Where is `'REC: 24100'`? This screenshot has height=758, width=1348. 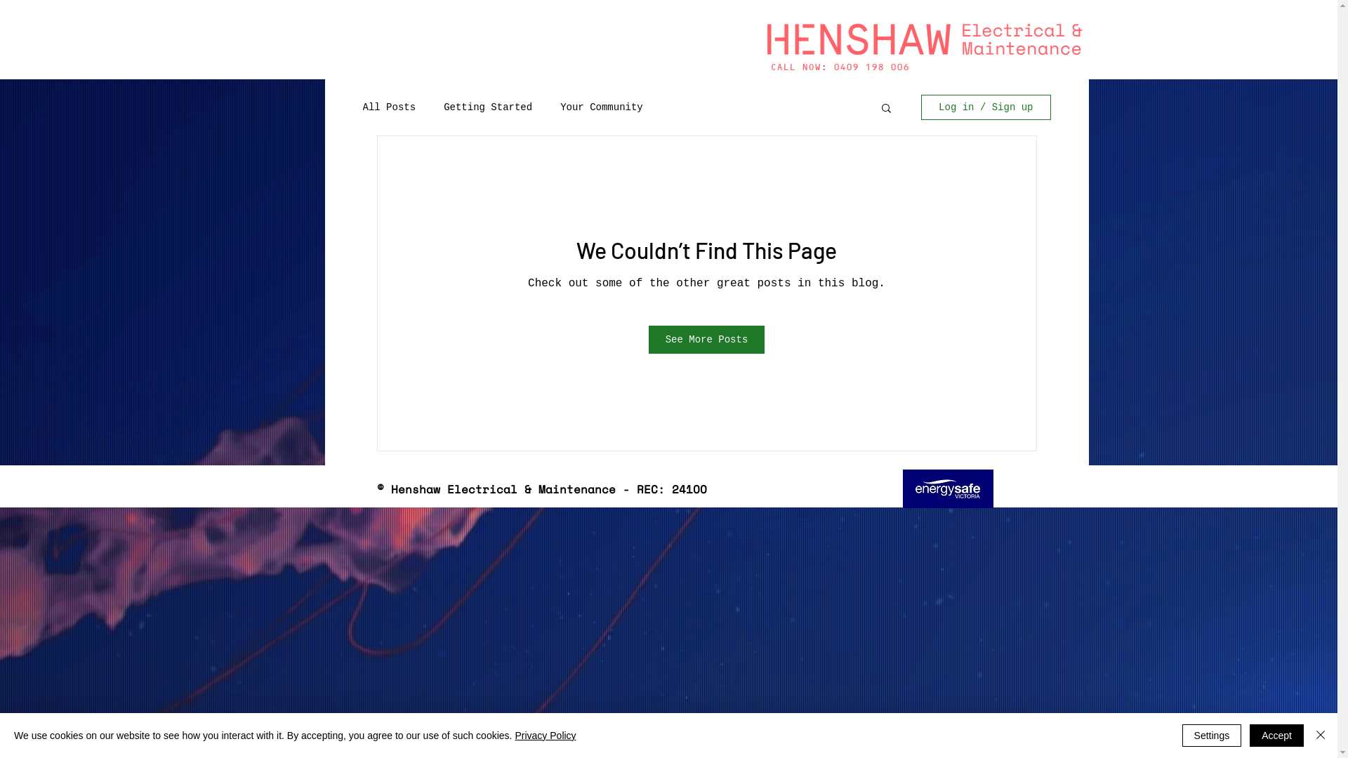 'REC: 24100' is located at coordinates (948, 488).